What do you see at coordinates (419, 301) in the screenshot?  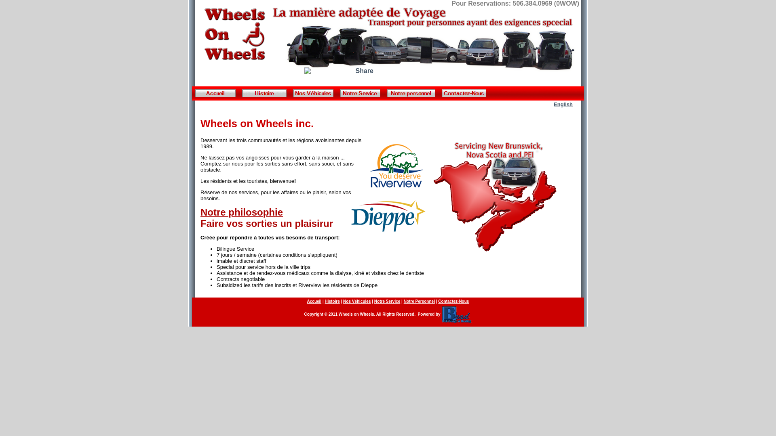 I see `'Notre Personnel'` at bounding box center [419, 301].